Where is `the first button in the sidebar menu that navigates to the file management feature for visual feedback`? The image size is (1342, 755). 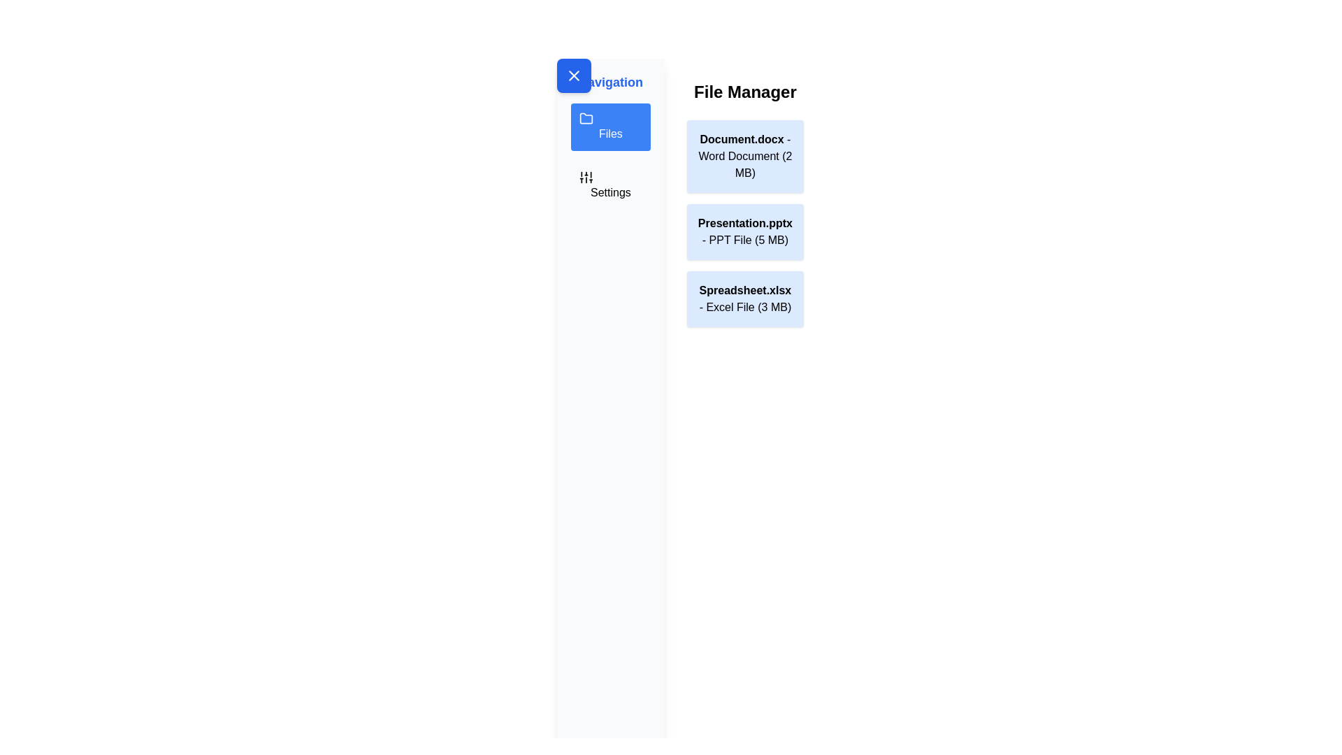
the first button in the sidebar menu that navigates to the file management feature for visual feedback is located at coordinates (610, 127).